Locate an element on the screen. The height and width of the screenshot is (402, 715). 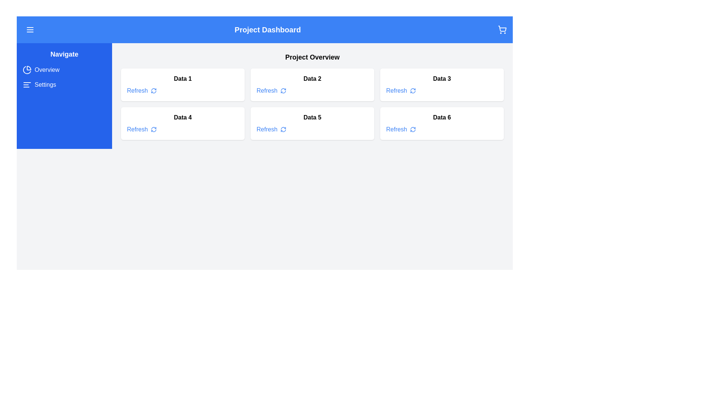
the Sidebar navigation panel is located at coordinates (64, 96).